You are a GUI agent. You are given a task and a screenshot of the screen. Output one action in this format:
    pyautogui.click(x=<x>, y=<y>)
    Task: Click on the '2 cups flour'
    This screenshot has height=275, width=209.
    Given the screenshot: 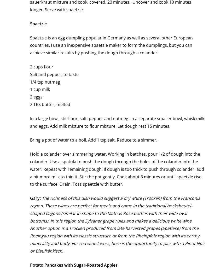 What is the action you would take?
    pyautogui.click(x=42, y=66)
    